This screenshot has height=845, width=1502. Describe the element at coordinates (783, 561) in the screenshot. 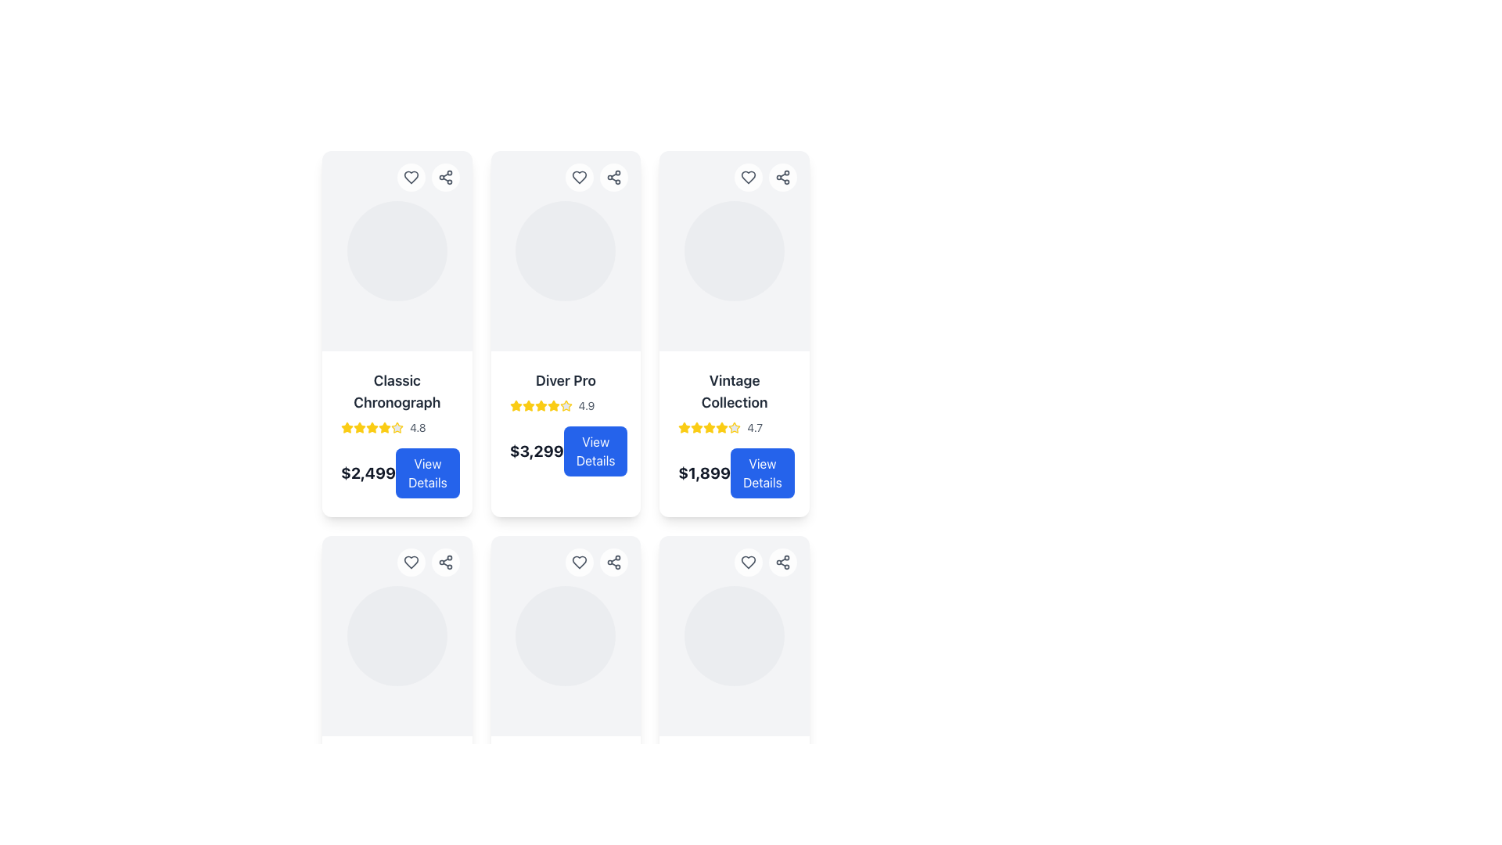

I see `the interactive share icon, which is a triangular shape formed by three connected circles and lines, located at the top-right corner of the second column in the grid layout above the 'Diver Pro' product card` at that location.